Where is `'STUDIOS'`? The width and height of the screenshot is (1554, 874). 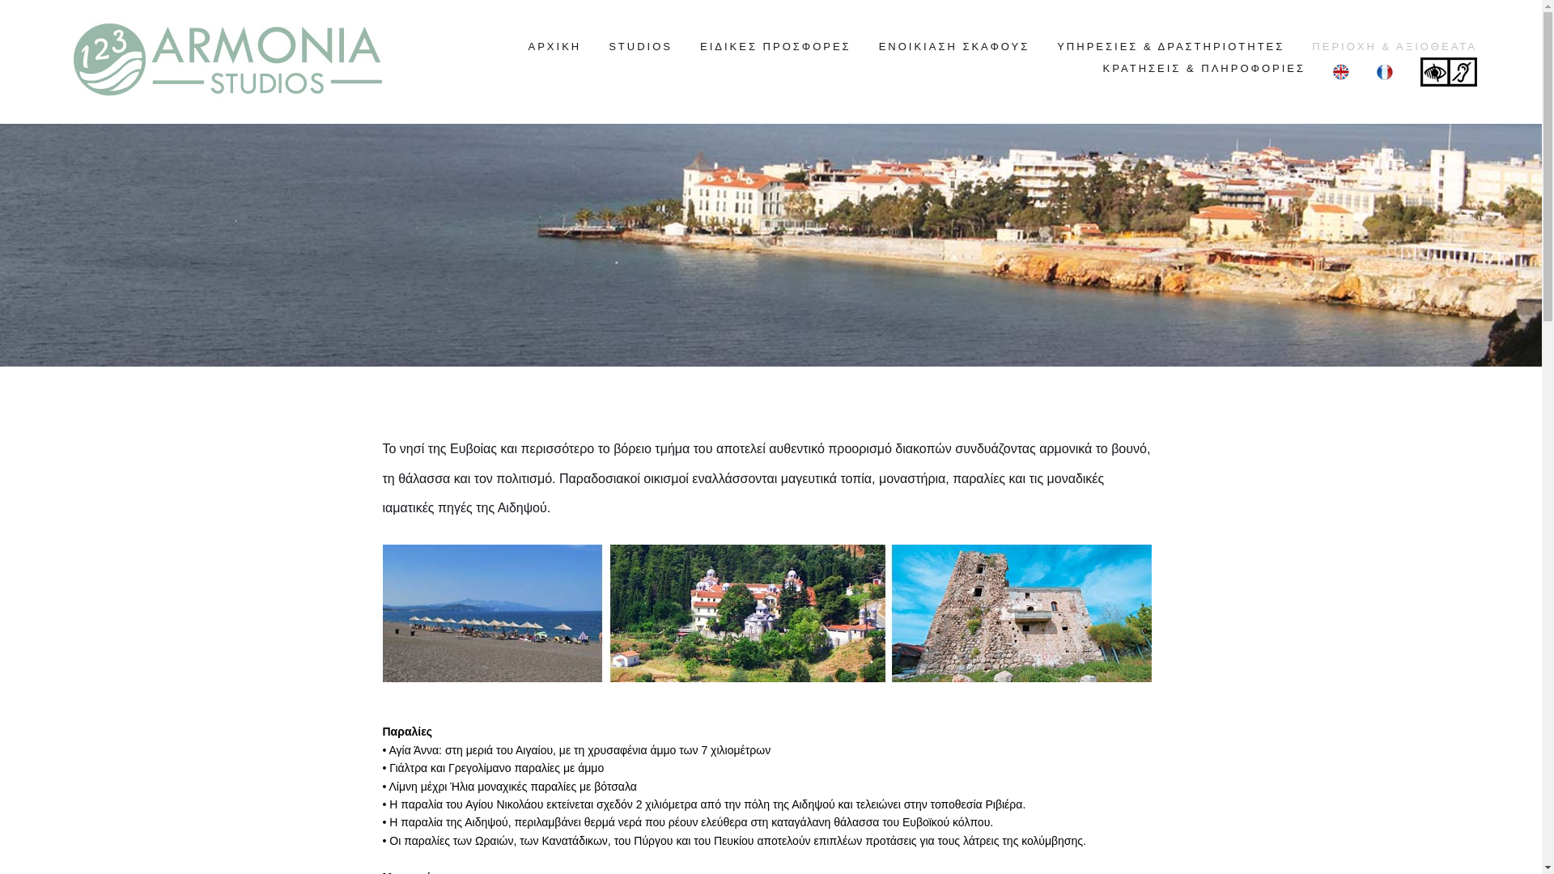
'STUDIOS' is located at coordinates (639, 45).